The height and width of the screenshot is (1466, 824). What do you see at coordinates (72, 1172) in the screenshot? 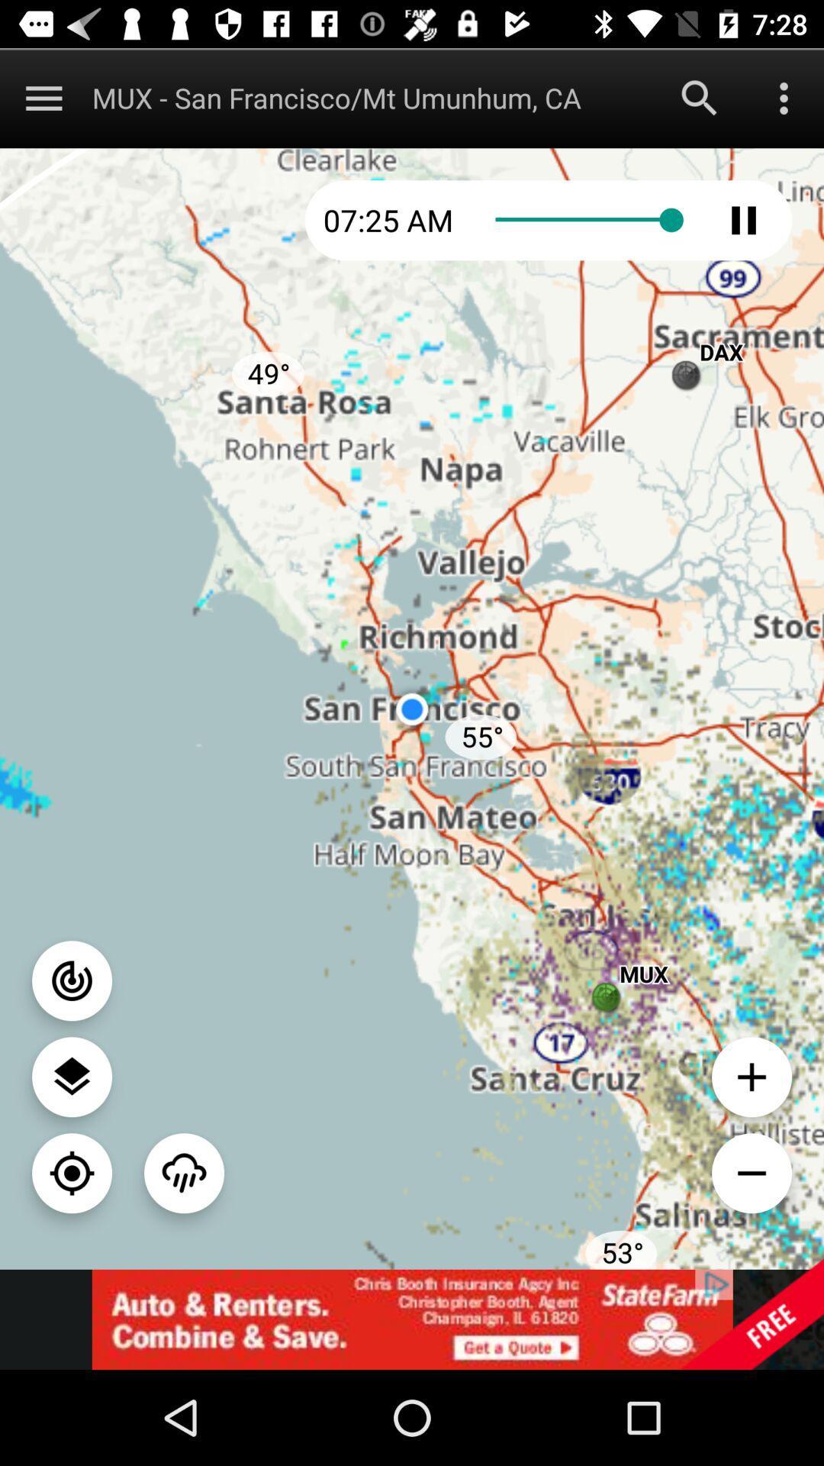
I see `location button` at bounding box center [72, 1172].